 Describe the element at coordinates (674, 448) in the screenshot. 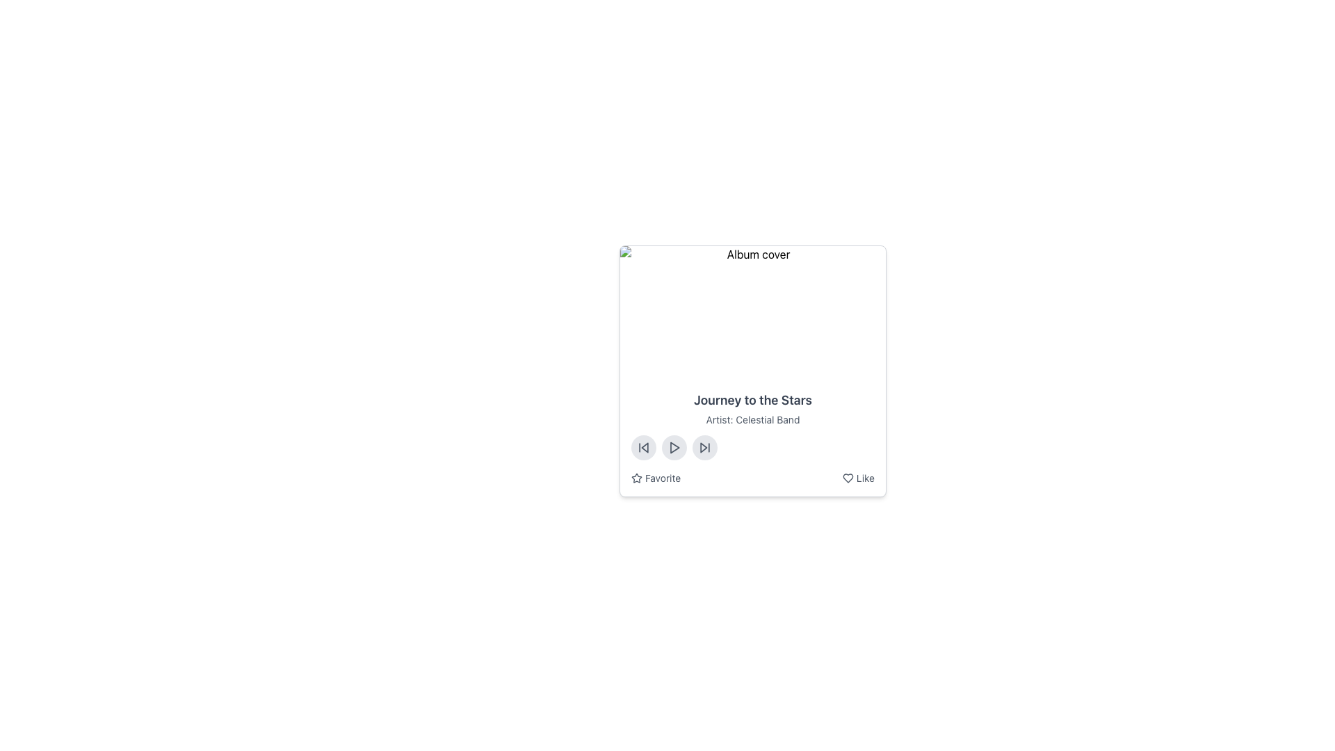

I see `the play button located in the center of the media control section below the album cover` at that location.